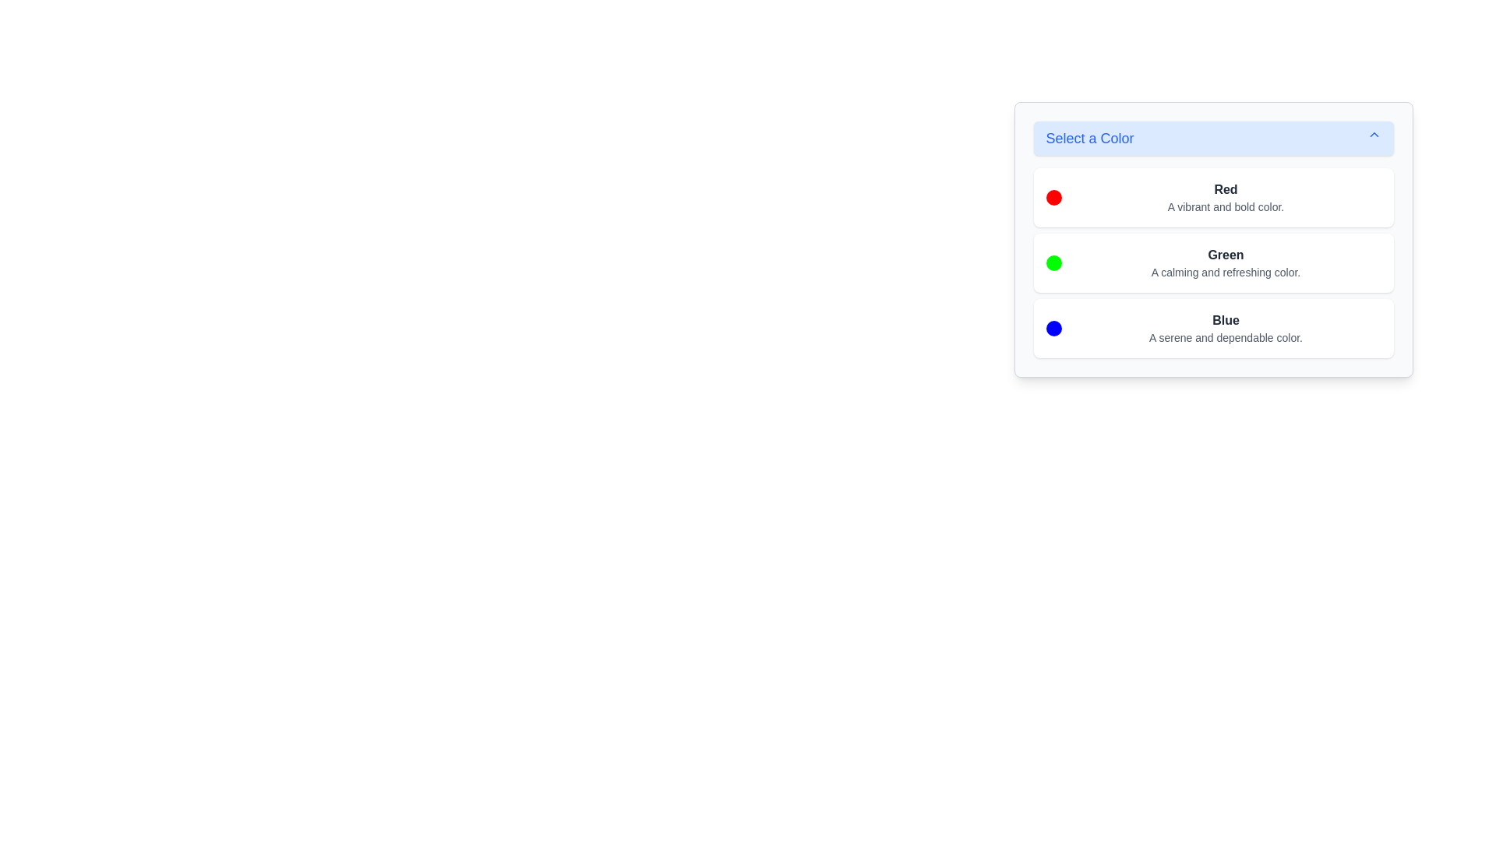 This screenshot has height=841, width=1496. What do you see at coordinates (1212, 197) in the screenshot?
I see `the first Card component in the vertically stacked list that visually represents the color 'Red' and provides descriptive text about its attributes` at bounding box center [1212, 197].